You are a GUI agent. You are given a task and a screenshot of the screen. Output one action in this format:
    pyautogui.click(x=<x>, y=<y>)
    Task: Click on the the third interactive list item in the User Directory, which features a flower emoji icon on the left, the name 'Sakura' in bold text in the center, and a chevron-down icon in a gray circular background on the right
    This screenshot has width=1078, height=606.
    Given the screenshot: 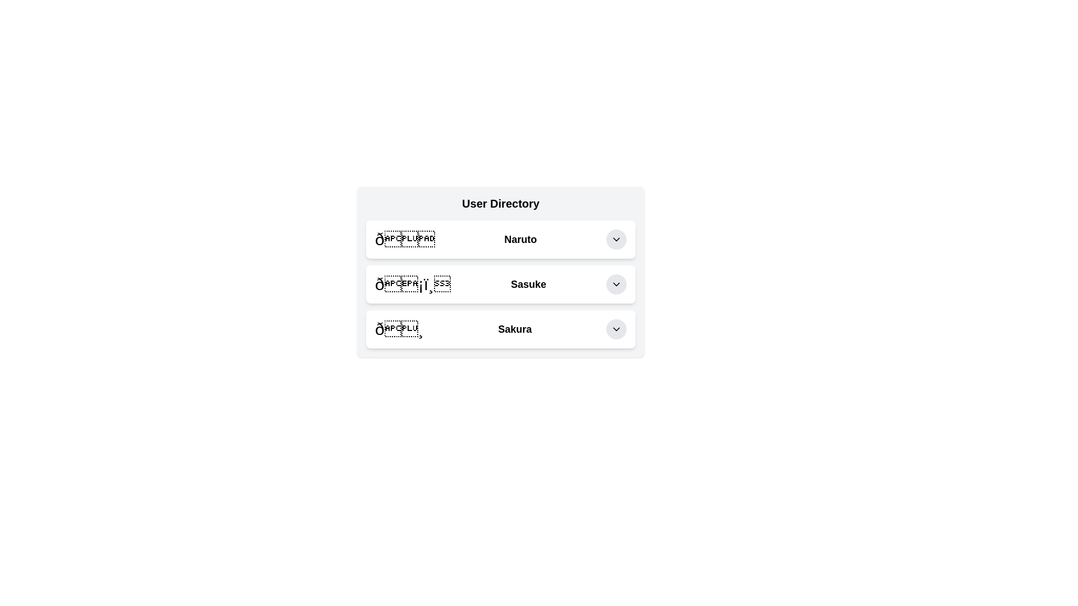 What is the action you would take?
    pyautogui.click(x=500, y=328)
    